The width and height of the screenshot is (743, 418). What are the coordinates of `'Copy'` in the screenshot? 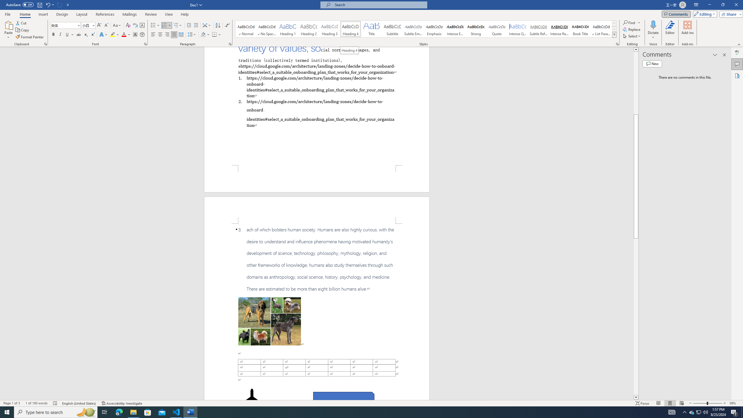 It's located at (23, 30).